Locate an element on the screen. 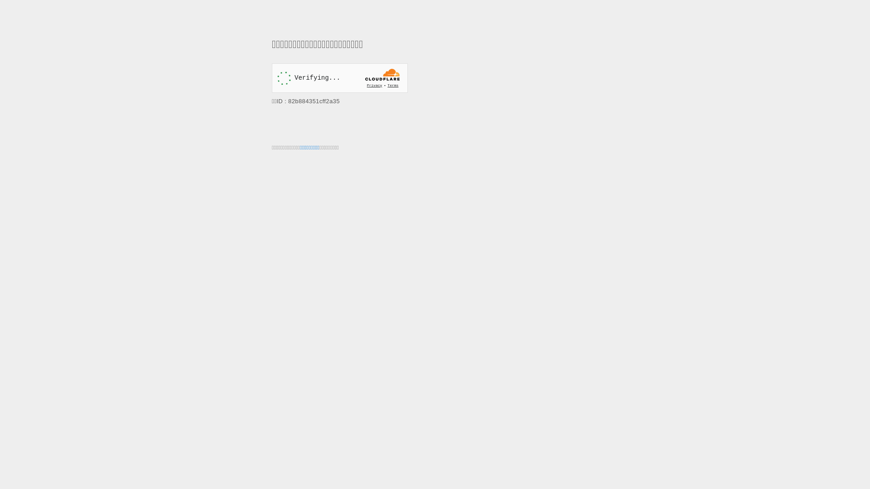  'Widget containing a Cloudflare security challenge' is located at coordinates (339, 77).